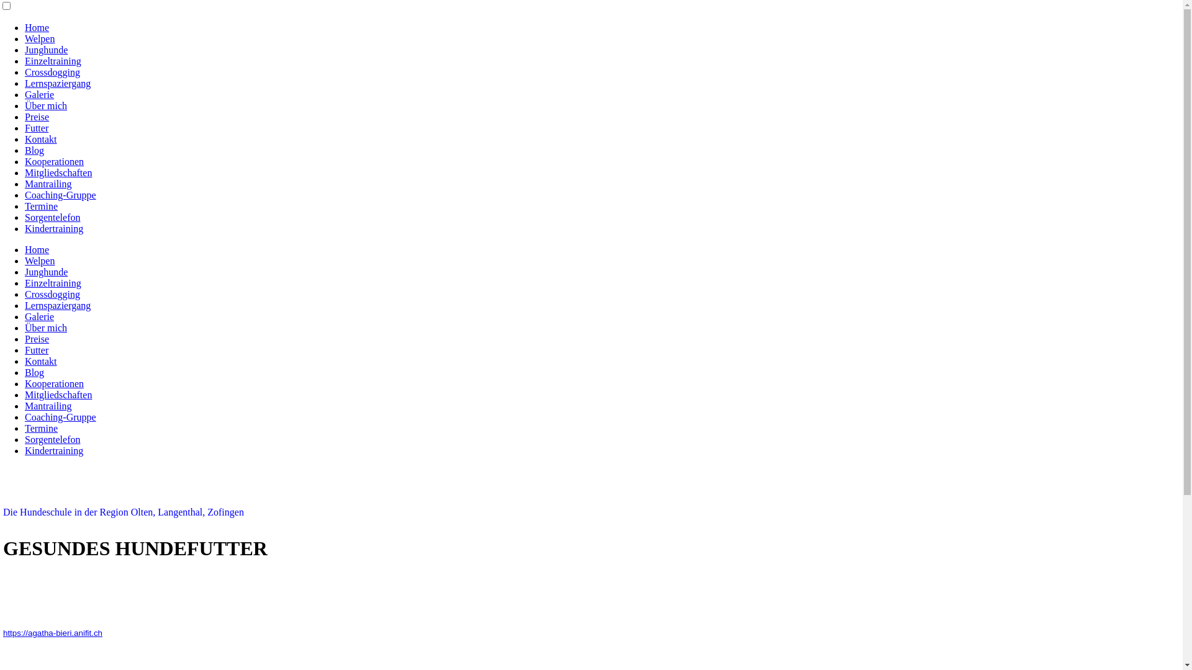 Image resolution: width=1192 pixels, height=670 pixels. Describe the element at coordinates (53, 450) in the screenshot. I see `'Kindertraining'` at that location.